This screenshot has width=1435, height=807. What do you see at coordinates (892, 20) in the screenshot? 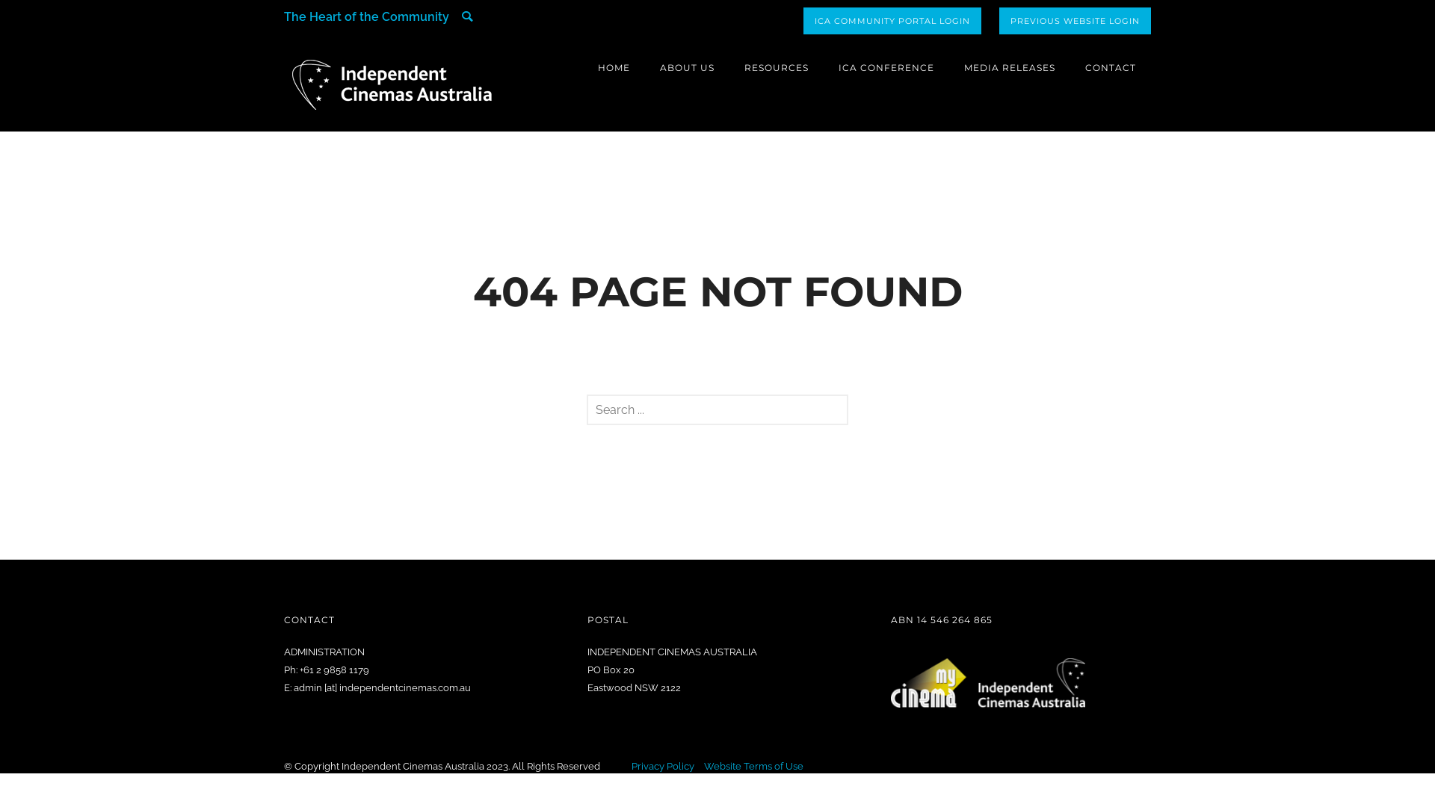
I see `'ICA COMMUNITY PORTAL LOGIN'` at bounding box center [892, 20].